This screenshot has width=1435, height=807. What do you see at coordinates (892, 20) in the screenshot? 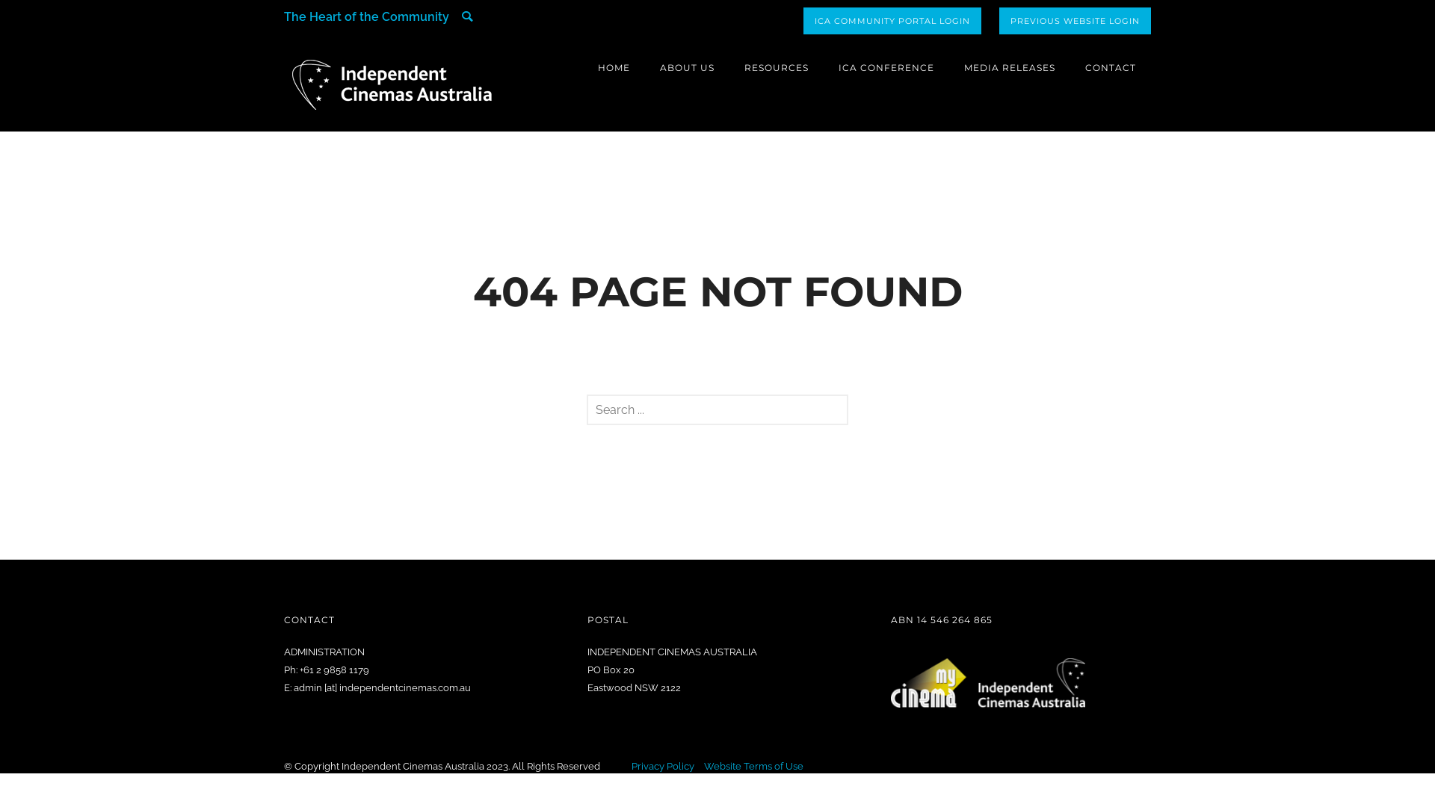
I see `'ICA COMMUNITY PORTAL LOGIN'` at bounding box center [892, 20].